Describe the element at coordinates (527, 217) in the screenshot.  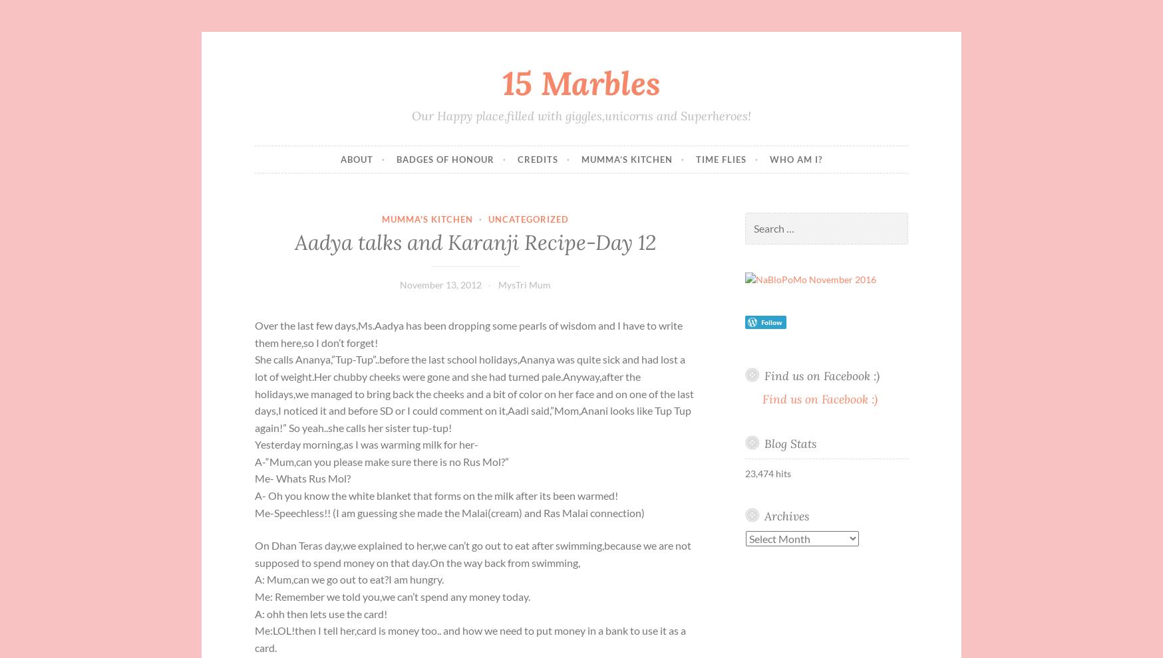
I see `'Uncategorized'` at that location.